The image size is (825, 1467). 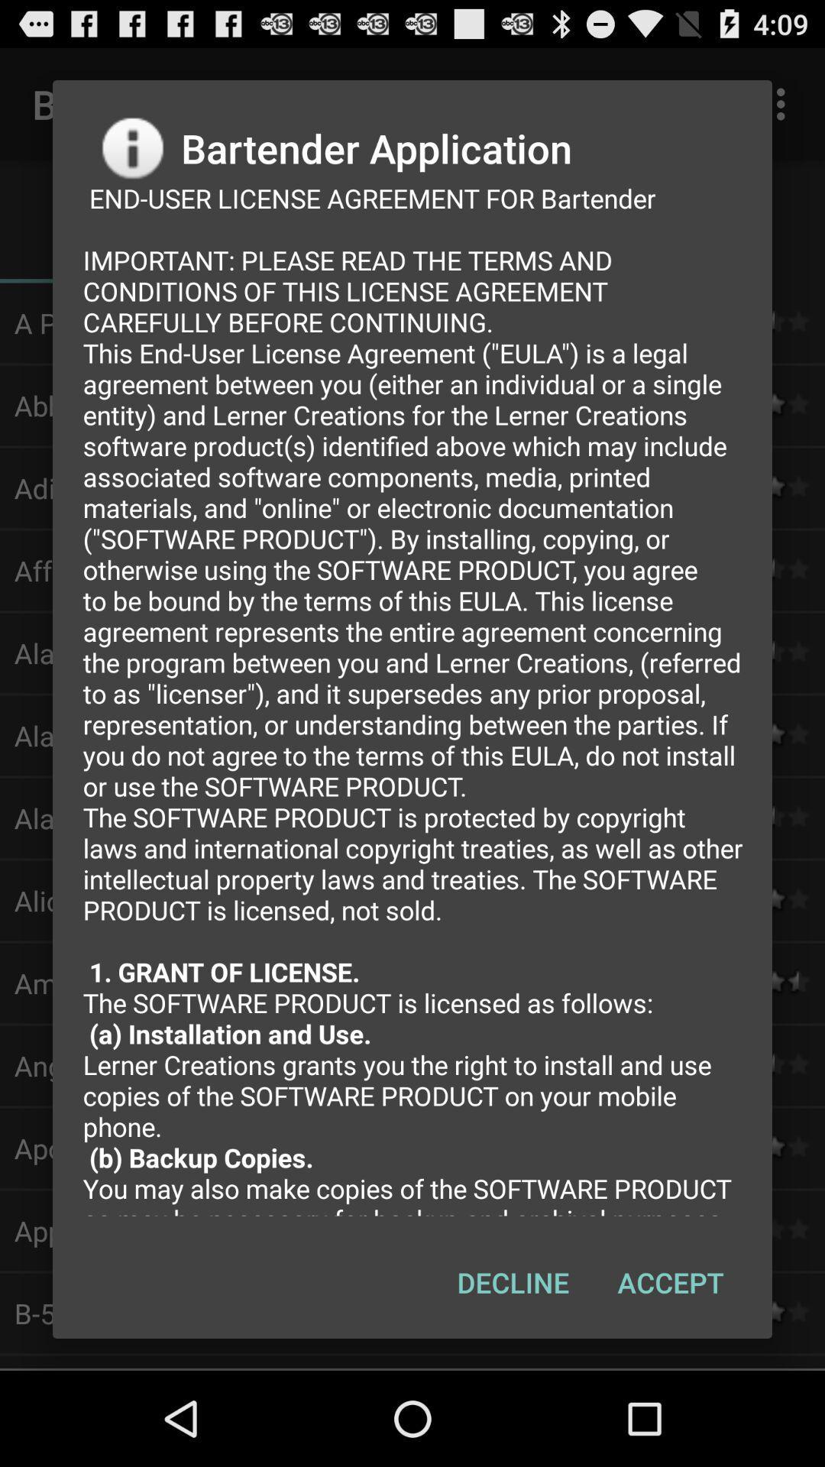 I want to click on the decline item, so click(x=513, y=1282).